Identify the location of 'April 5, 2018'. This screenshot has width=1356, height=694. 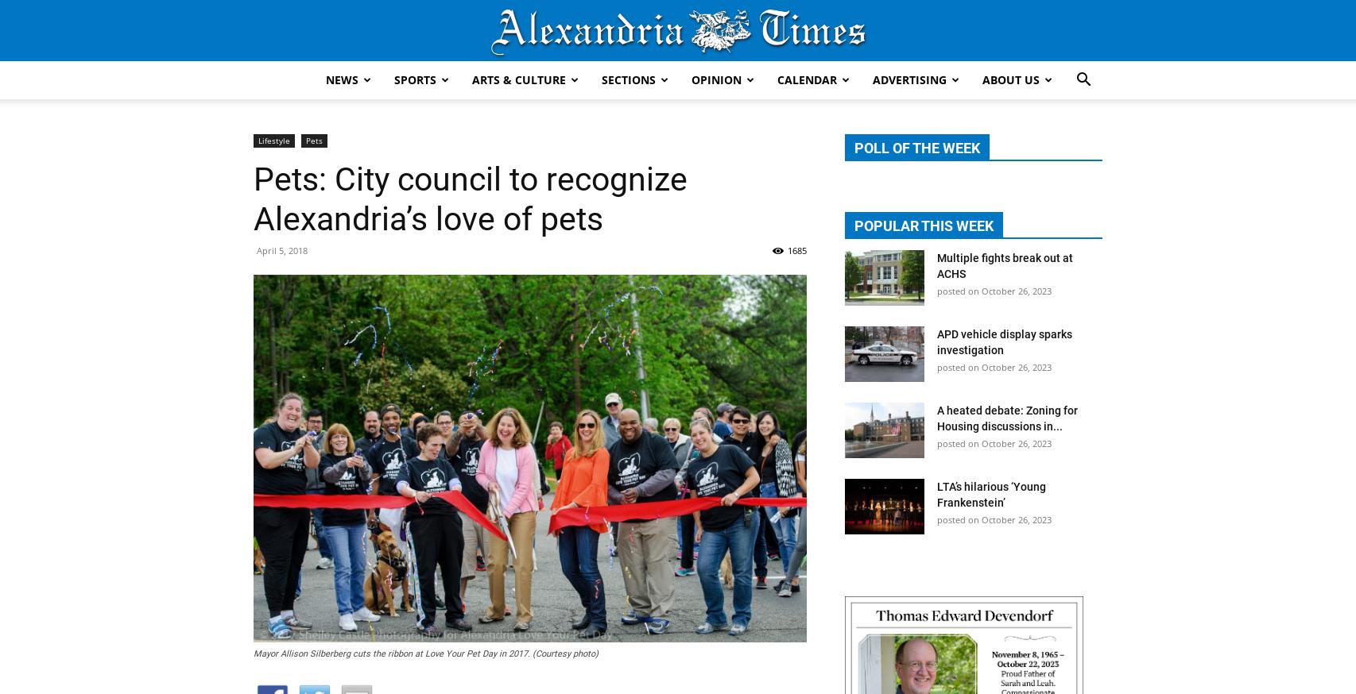
(282, 249).